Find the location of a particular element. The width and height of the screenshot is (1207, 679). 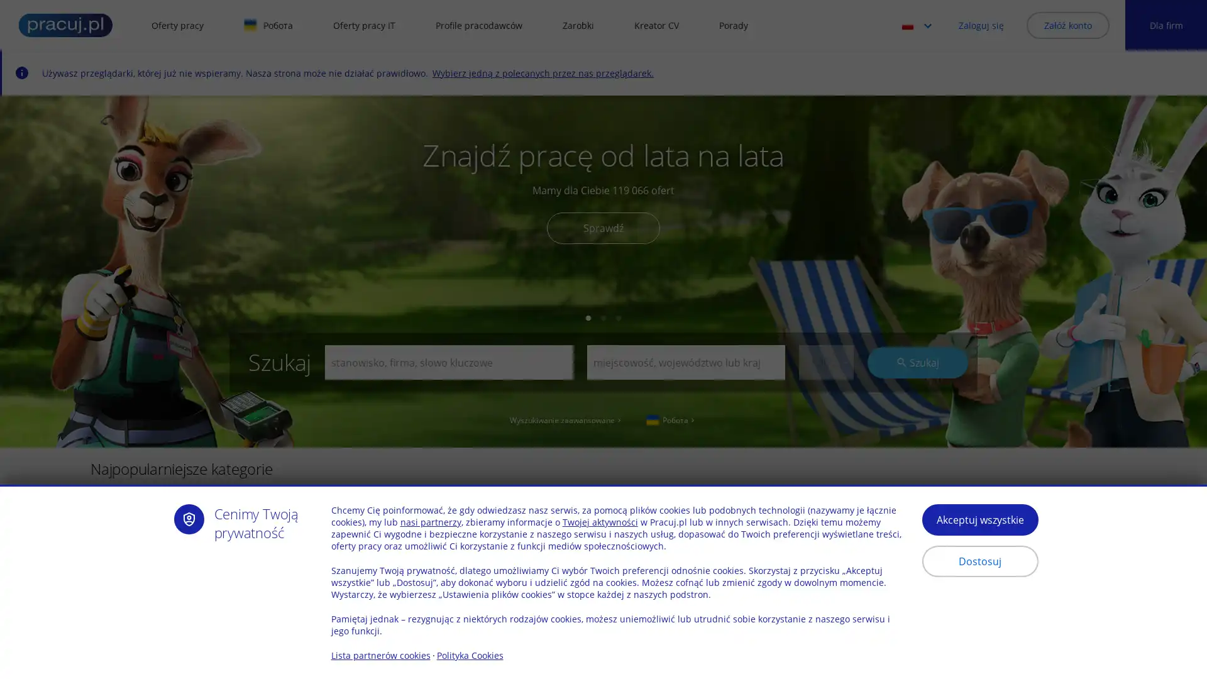

OSTATNIO OGLADANE is located at coordinates (161, 617).